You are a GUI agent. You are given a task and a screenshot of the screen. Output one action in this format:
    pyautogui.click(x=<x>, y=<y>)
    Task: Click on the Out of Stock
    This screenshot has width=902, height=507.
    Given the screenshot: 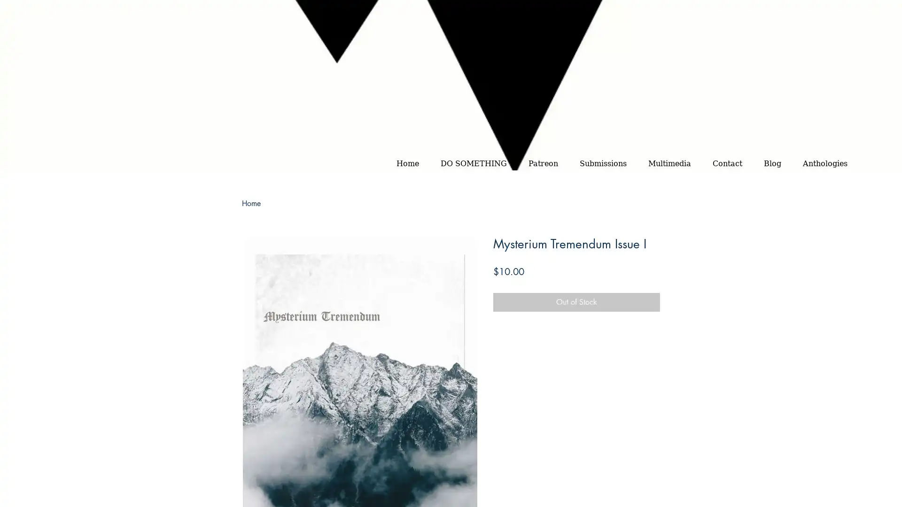 What is the action you would take?
    pyautogui.click(x=576, y=302)
    